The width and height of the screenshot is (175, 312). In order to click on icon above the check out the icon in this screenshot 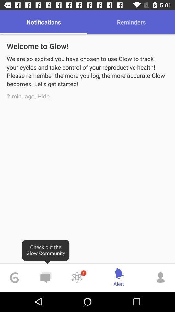, I will do `click(43, 96)`.